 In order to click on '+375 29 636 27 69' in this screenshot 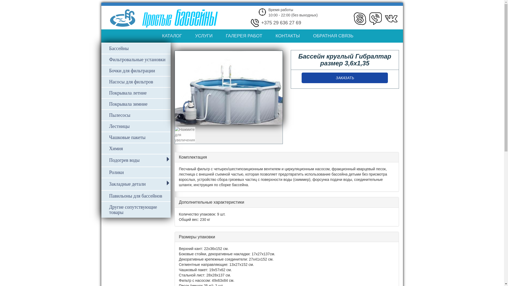, I will do `click(281, 23)`.